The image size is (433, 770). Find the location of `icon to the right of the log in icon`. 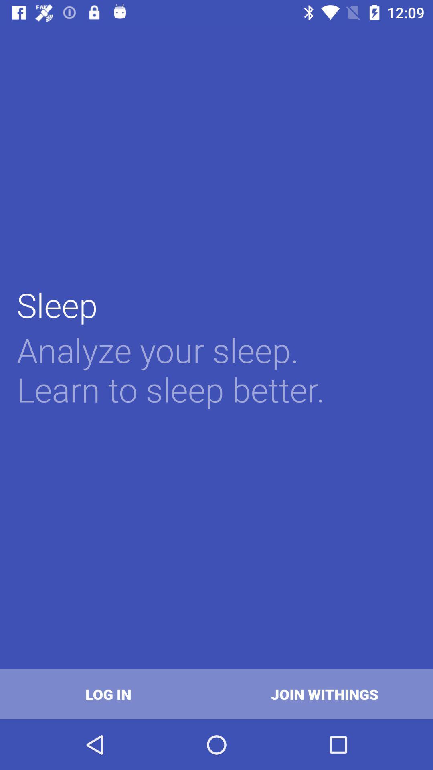

icon to the right of the log in icon is located at coordinates (325, 694).